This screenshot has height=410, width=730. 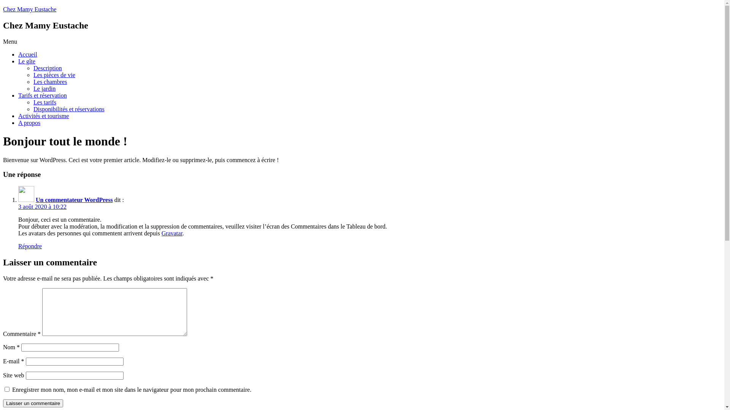 What do you see at coordinates (29, 122) in the screenshot?
I see `'A propos'` at bounding box center [29, 122].